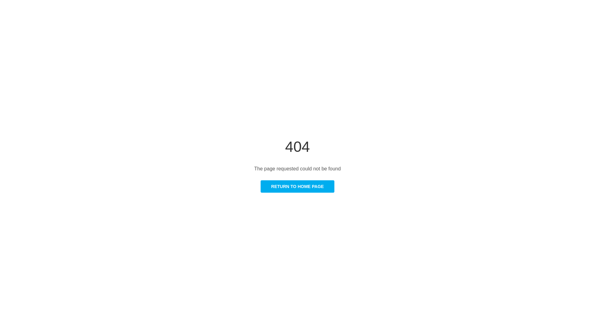 The width and height of the screenshot is (595, 334). What do you see at coordinates (297, 186) in the screenshot?
I see `'RETURN TO HOME PAGE'` at bounding box center [297, 186].